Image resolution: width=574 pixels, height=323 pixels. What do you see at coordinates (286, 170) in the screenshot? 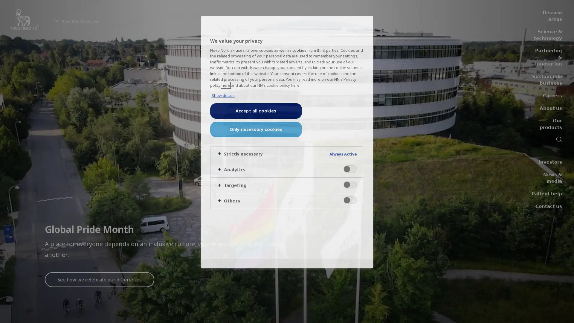
I see `Analytics` at bounding box center [286, 170].